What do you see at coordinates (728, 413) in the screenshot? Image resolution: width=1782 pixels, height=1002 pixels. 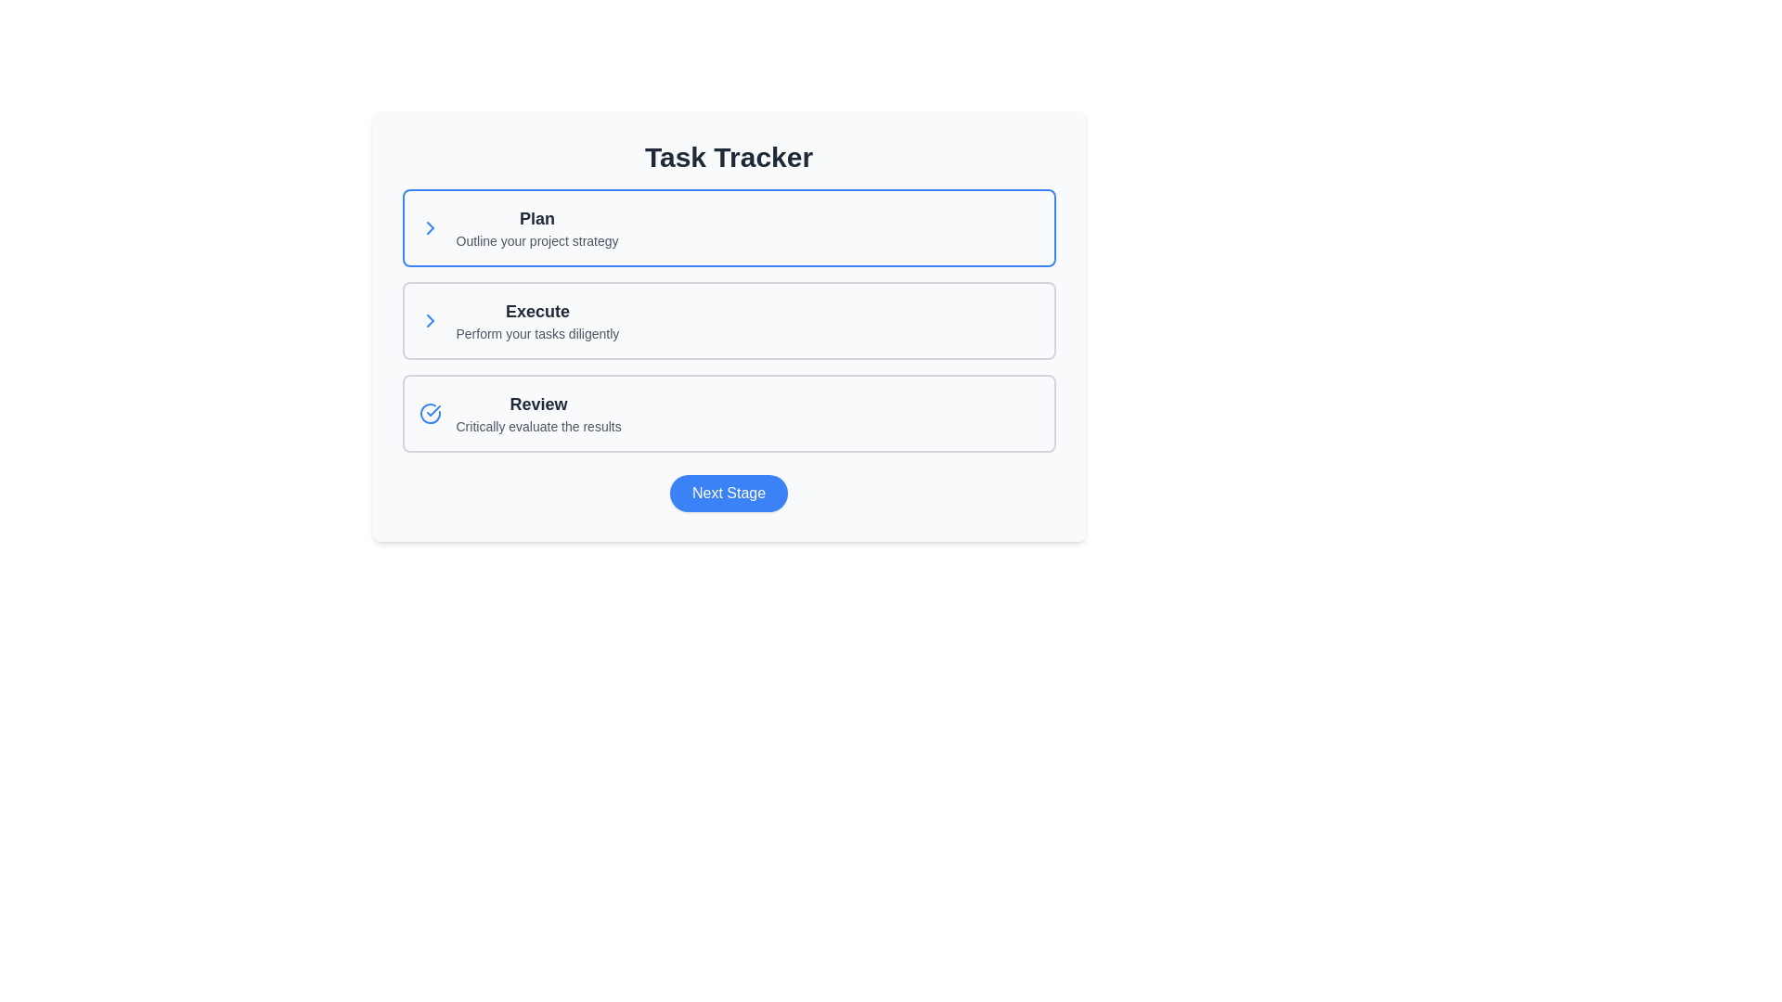 I see `the 'Review' card component` at bounding box center [728, 413].